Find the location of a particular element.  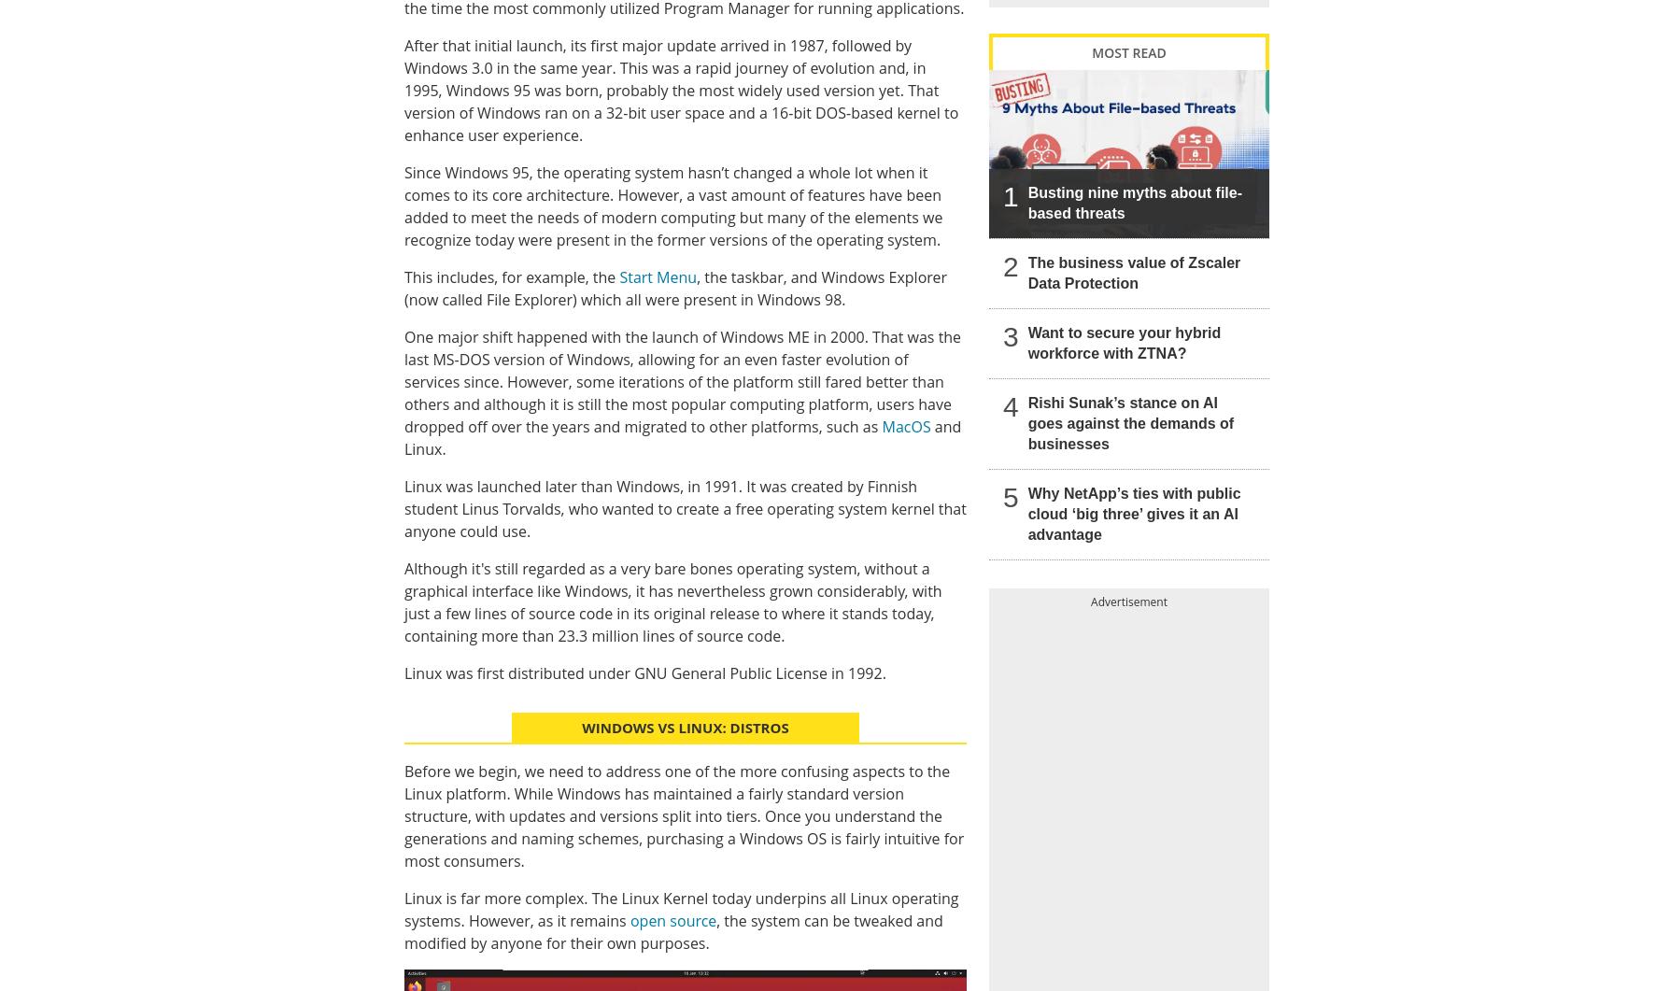

'Linux was launched later than Windows, in 1991. It was created by Finnish student Linus Torvalds, who wanted to create a free operating system kernel that anyone could use.' is located at coordinates (684, 506).